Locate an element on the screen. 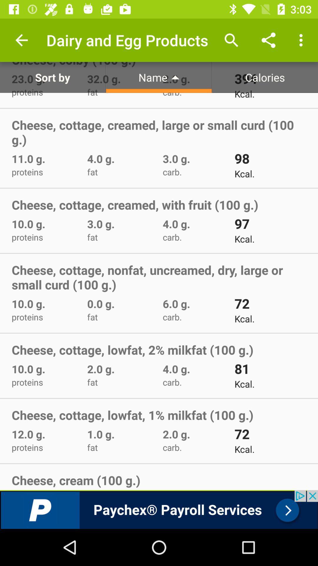  view paychex payroll services website is located at coordinates (159, 509).